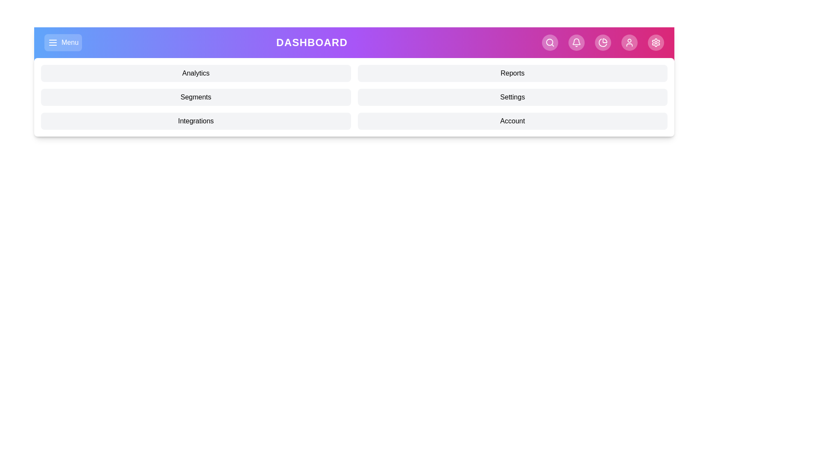  Describe the element at coordinates (576, 43) in the screenshot. I see `the Notifications navigation icon` at that location.